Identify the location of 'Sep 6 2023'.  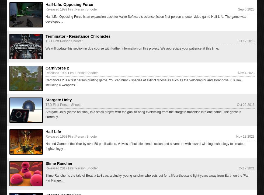
(246, 9).